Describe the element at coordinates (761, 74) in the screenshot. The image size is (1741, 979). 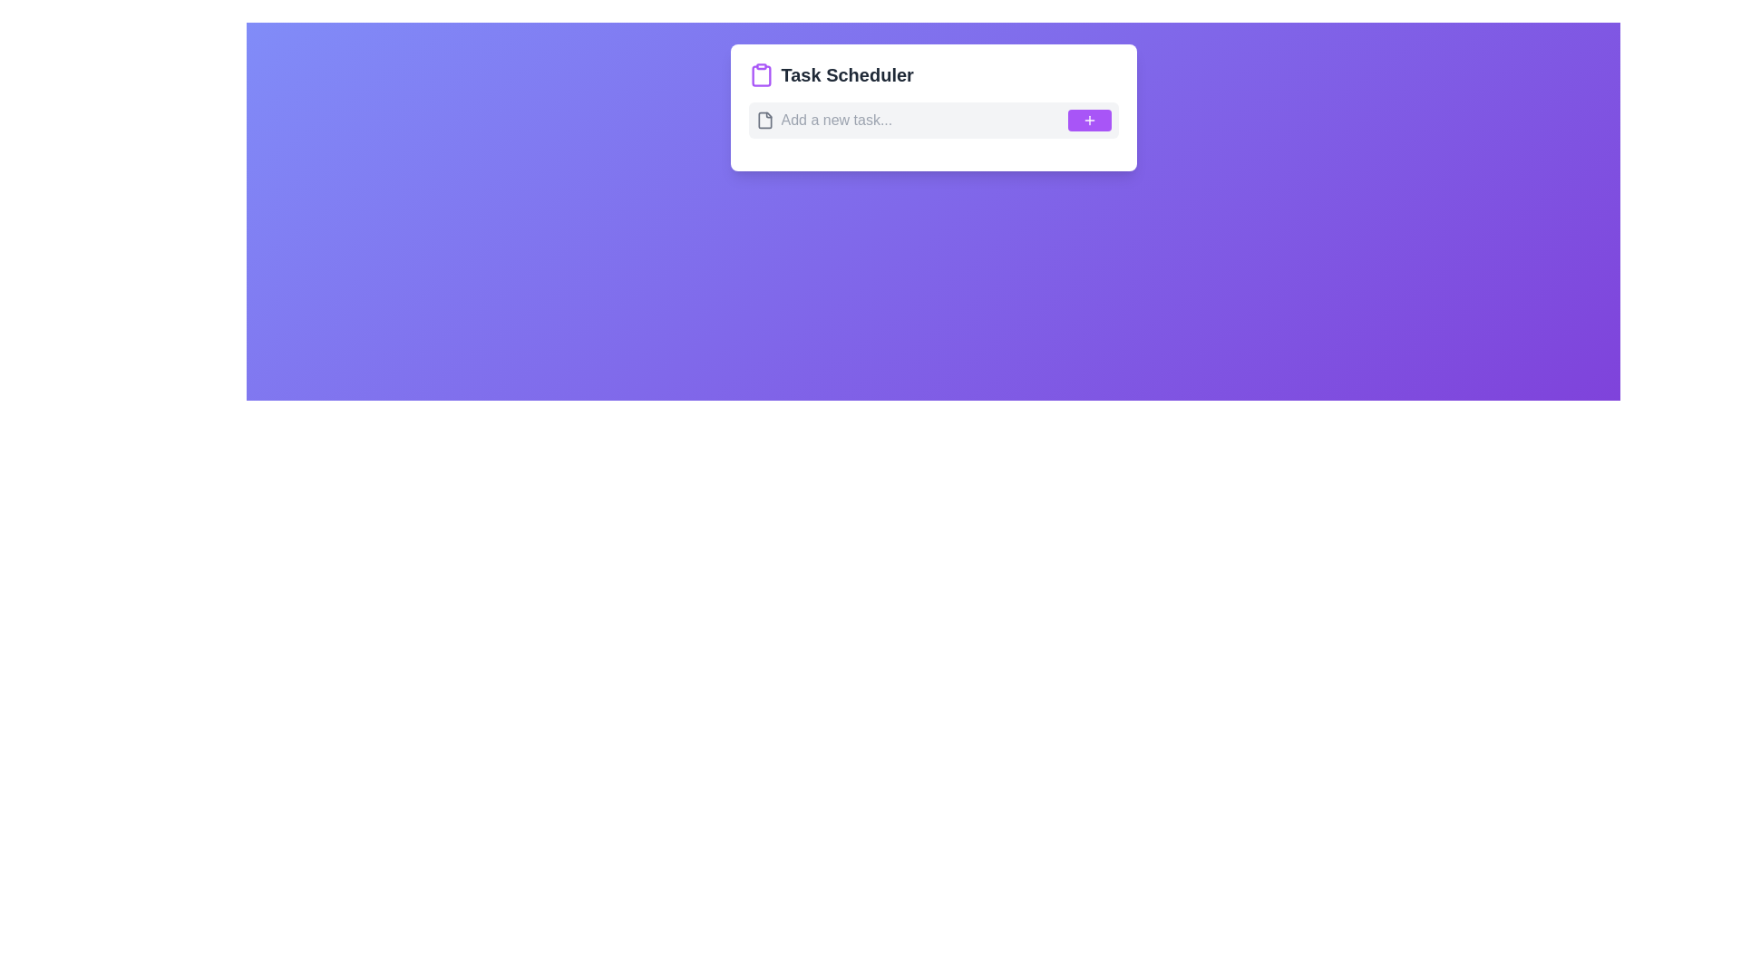
I see `the clipboard icon located to the left of the 'Task Scheduler' heading, which serves as a visual representation of task management` at that location.